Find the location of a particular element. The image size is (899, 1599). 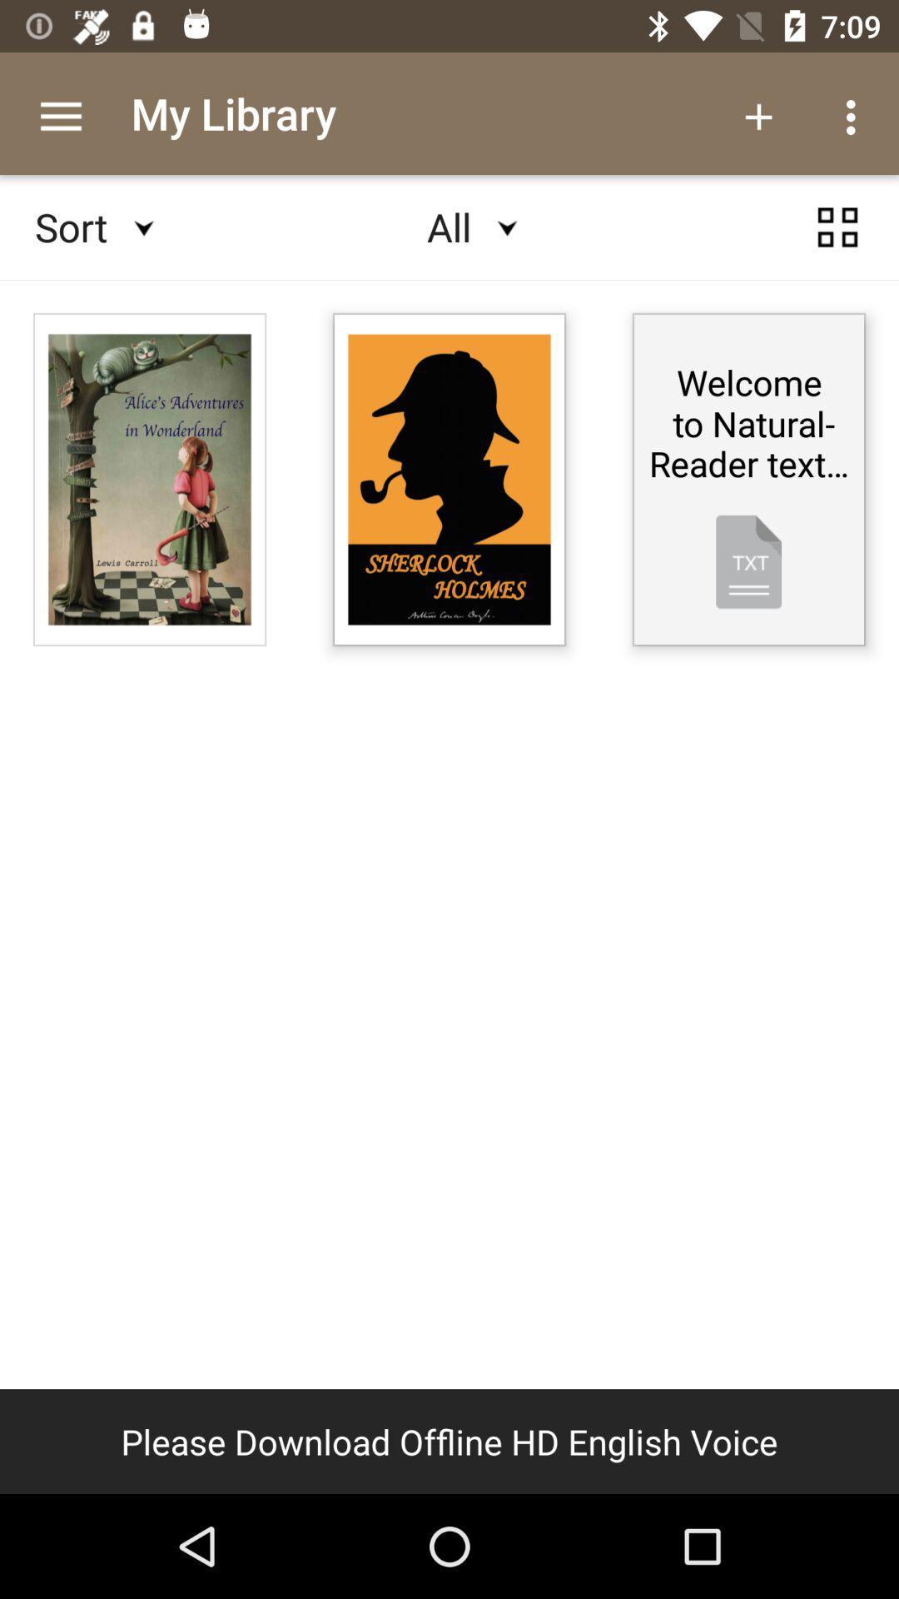

the dashboard icon is located at coordinates (837, 242).